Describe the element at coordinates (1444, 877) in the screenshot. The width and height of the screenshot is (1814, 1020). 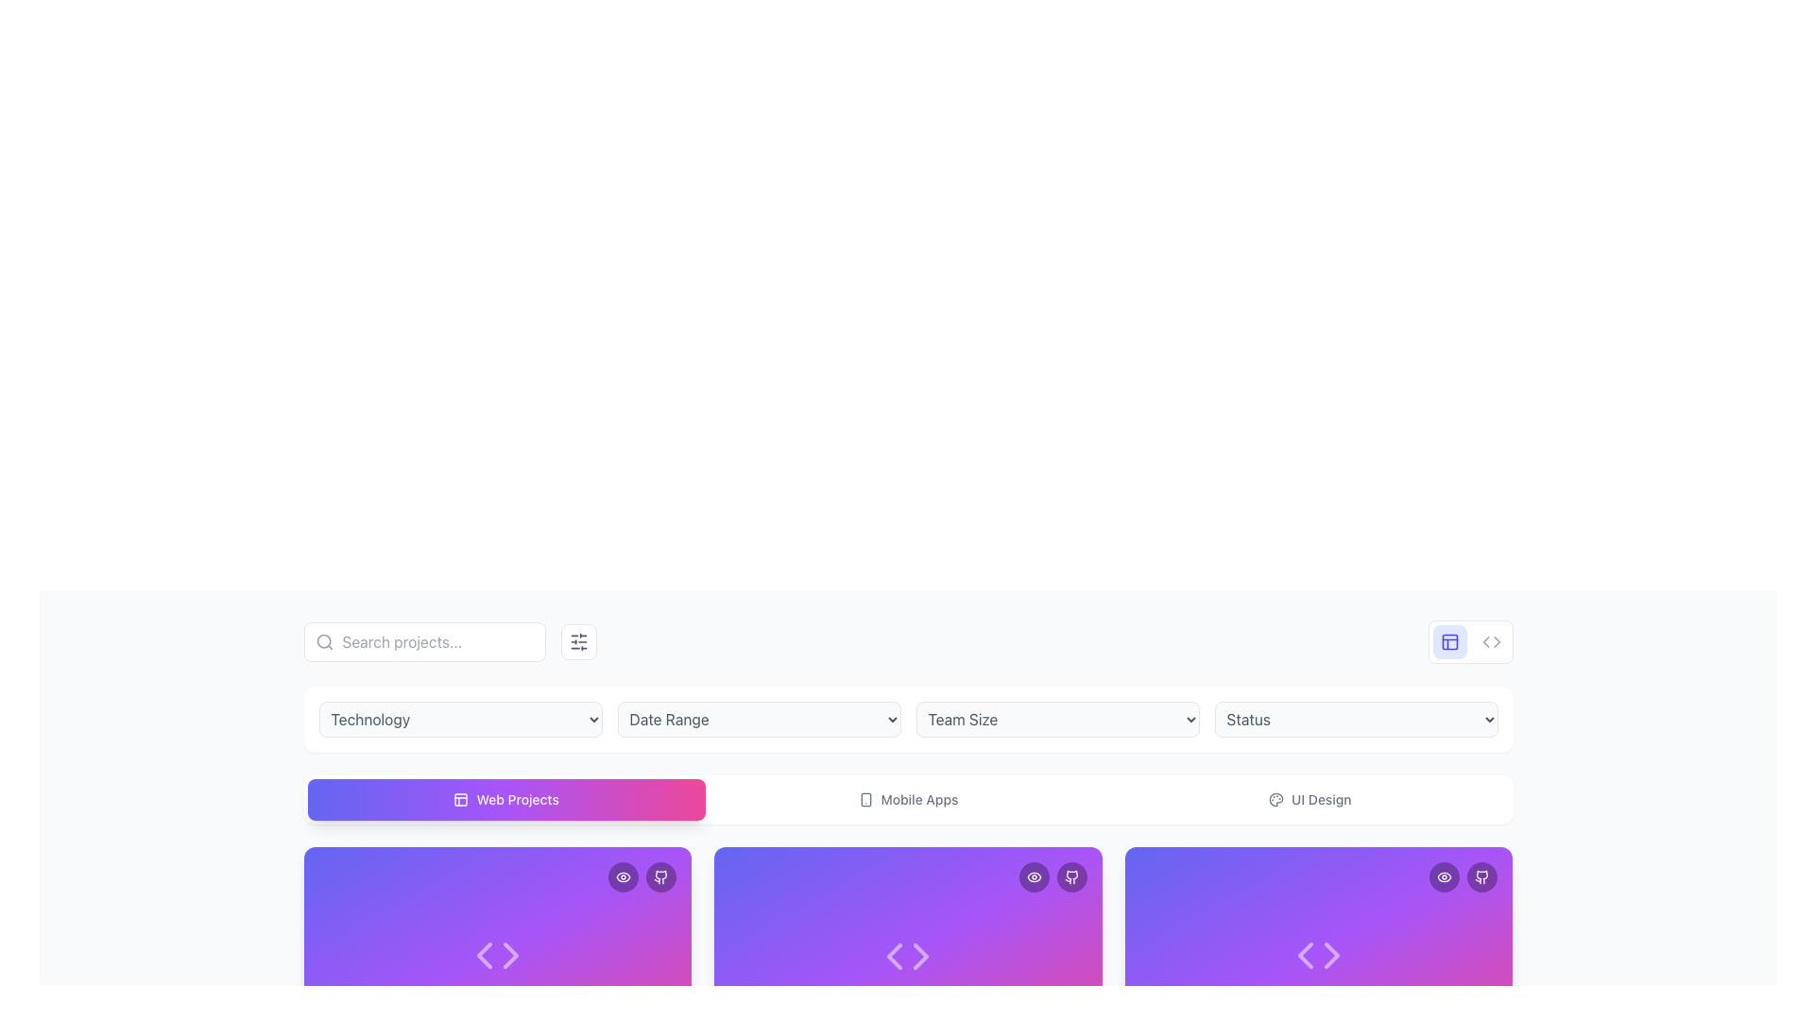
I see `the circular button with a semi-transparent black background and white border, which has an eye icon` at that location.